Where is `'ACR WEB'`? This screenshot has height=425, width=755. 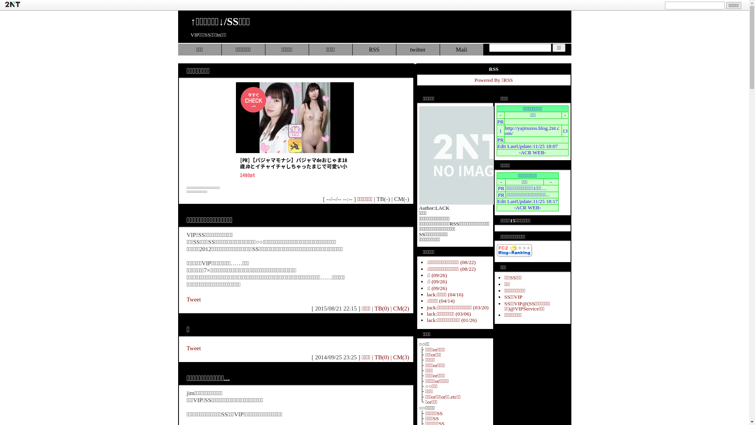 'ACR WEB' is located at coordinates (532, 152).